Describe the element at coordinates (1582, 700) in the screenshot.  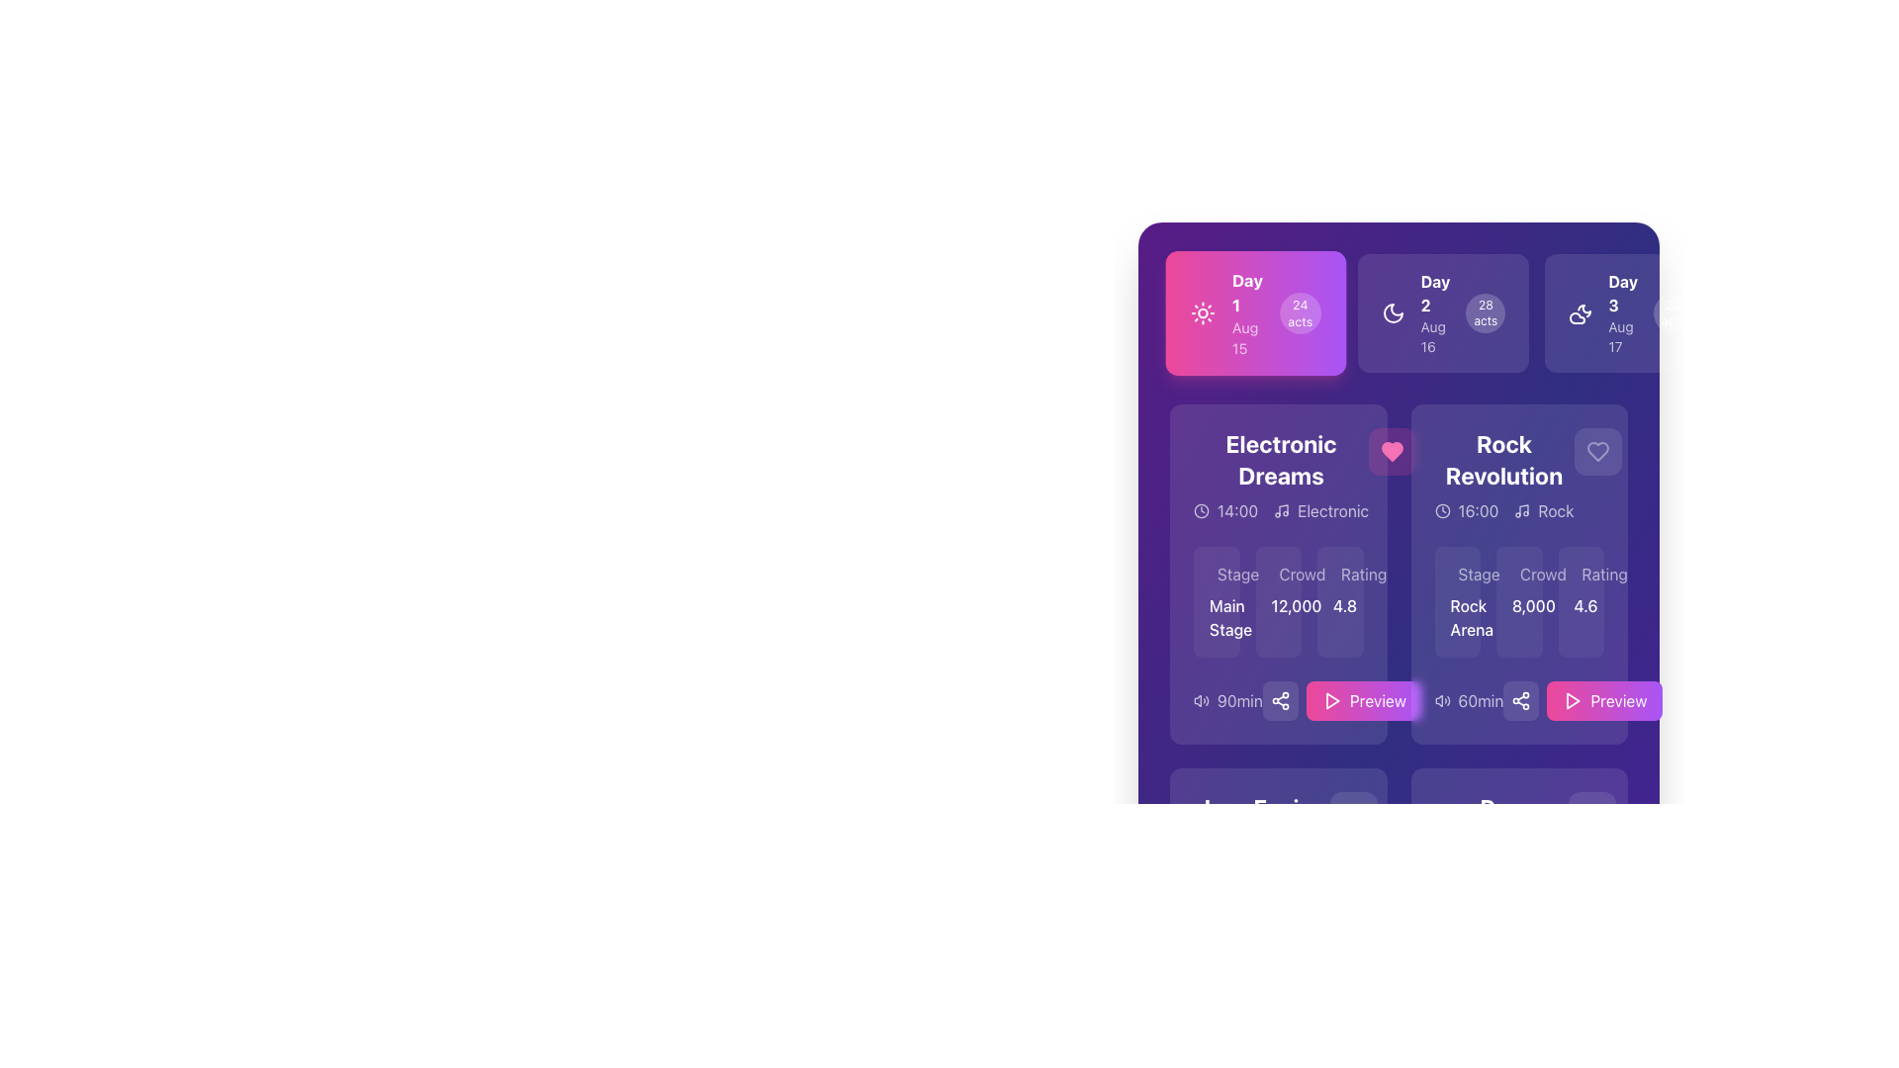
I see `the button that provides a preview for the Rock Revolution event` at that location.